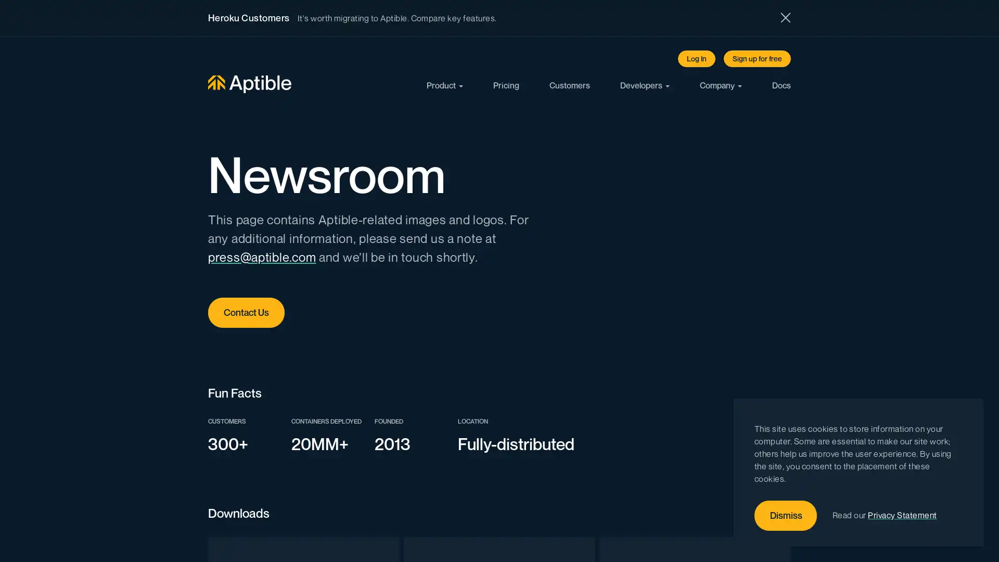 Image resolution: width=999 pixels, height=562 pixels. Describe the element at coordinates (786, 516) in the screenshot. I see `Dismiss` at that location.